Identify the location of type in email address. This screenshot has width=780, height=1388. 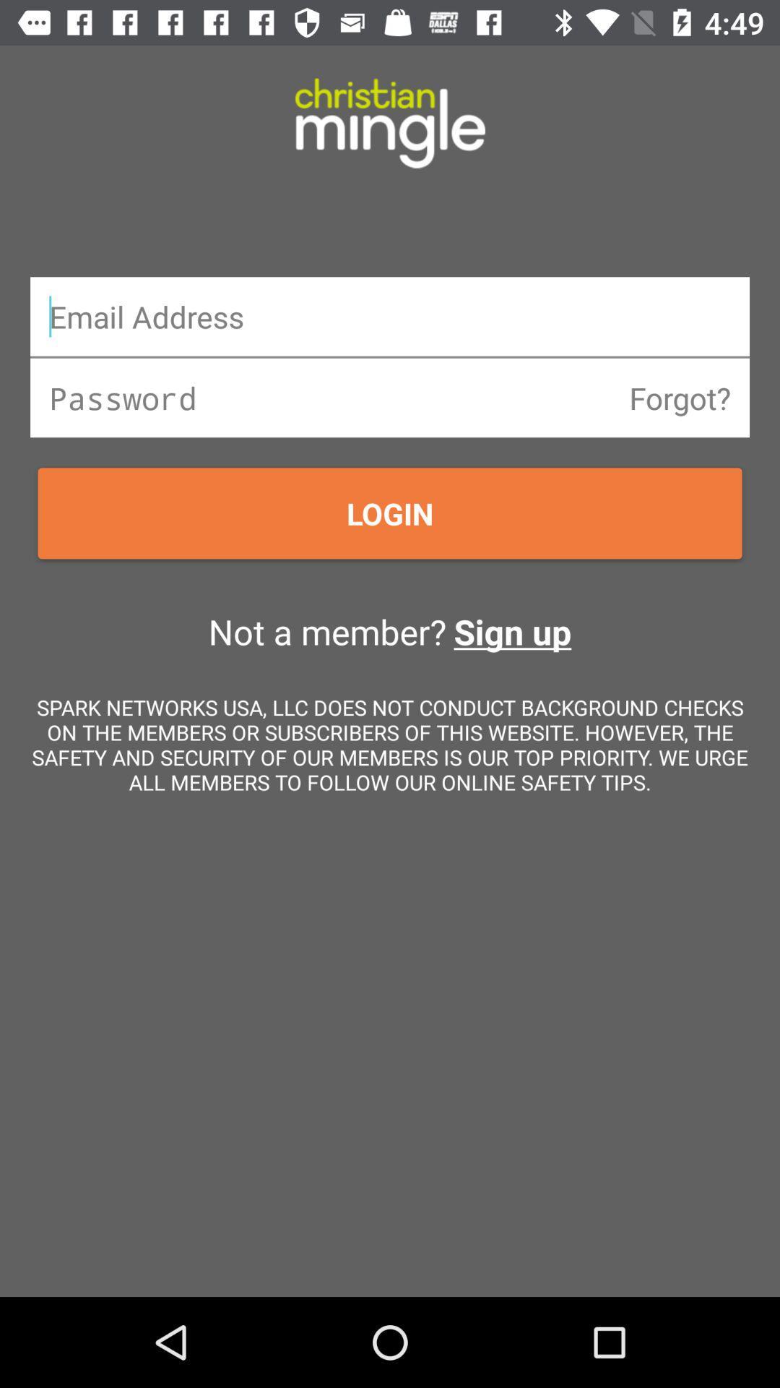
(390, 315).